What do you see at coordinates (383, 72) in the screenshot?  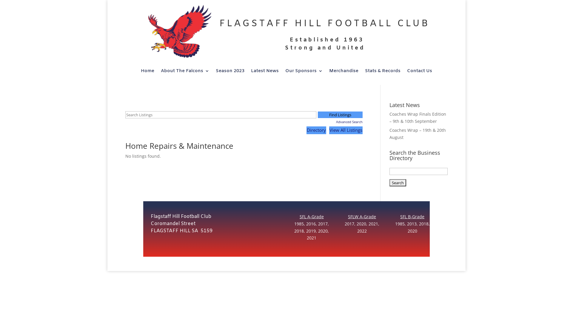 I see `'Stats & Records'` at bounding box center [383, 72].